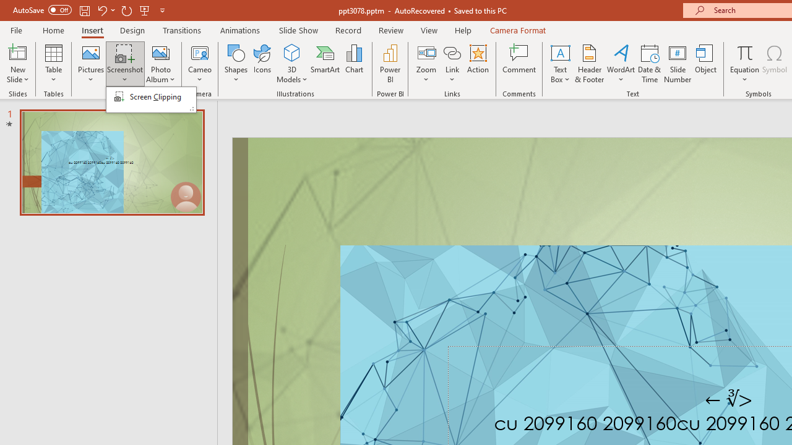 Image resolution: width=792 pixels, height=445 pixels. I want to click on 'Power BI', so click(390, 64).